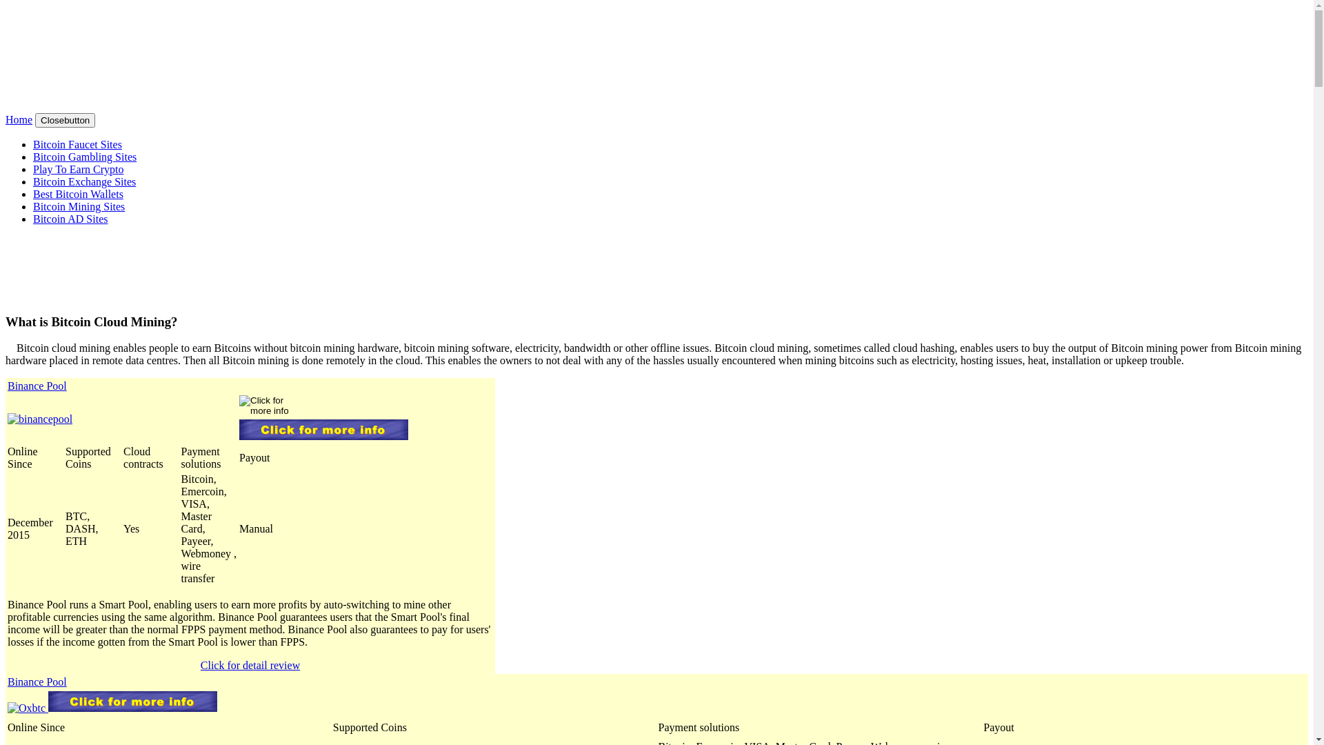  What do you see at coordinates (77, 168) in the screenshot?
I see `'Play To Earn Crypto'` at bounding box center [77, 168].